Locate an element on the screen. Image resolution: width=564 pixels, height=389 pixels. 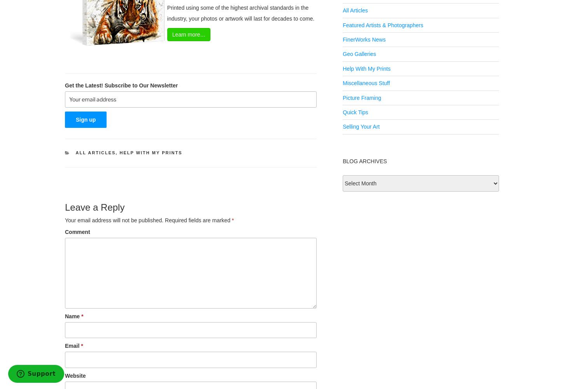
'Leave a Reply' is located at coordinates (65, 206).